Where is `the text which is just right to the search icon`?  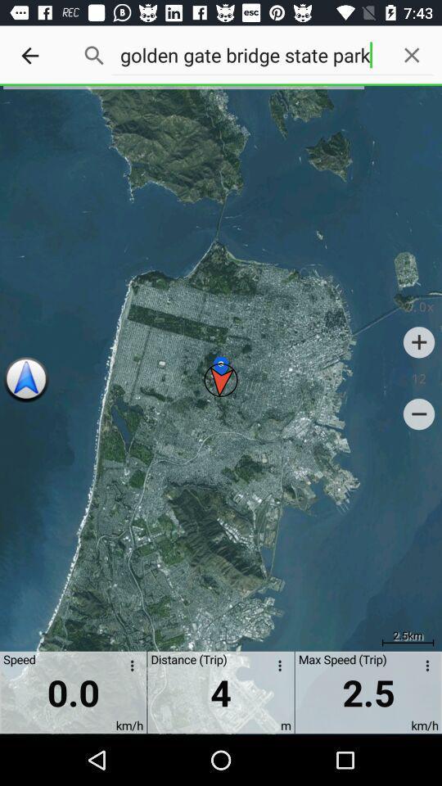 the text which is just right to the search icon is located at coordinates (341, 59).